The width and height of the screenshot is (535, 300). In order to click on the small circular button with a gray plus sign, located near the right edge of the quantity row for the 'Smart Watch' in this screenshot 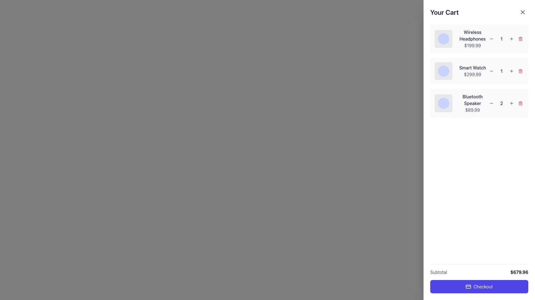, I will do `click(512, 71)`.